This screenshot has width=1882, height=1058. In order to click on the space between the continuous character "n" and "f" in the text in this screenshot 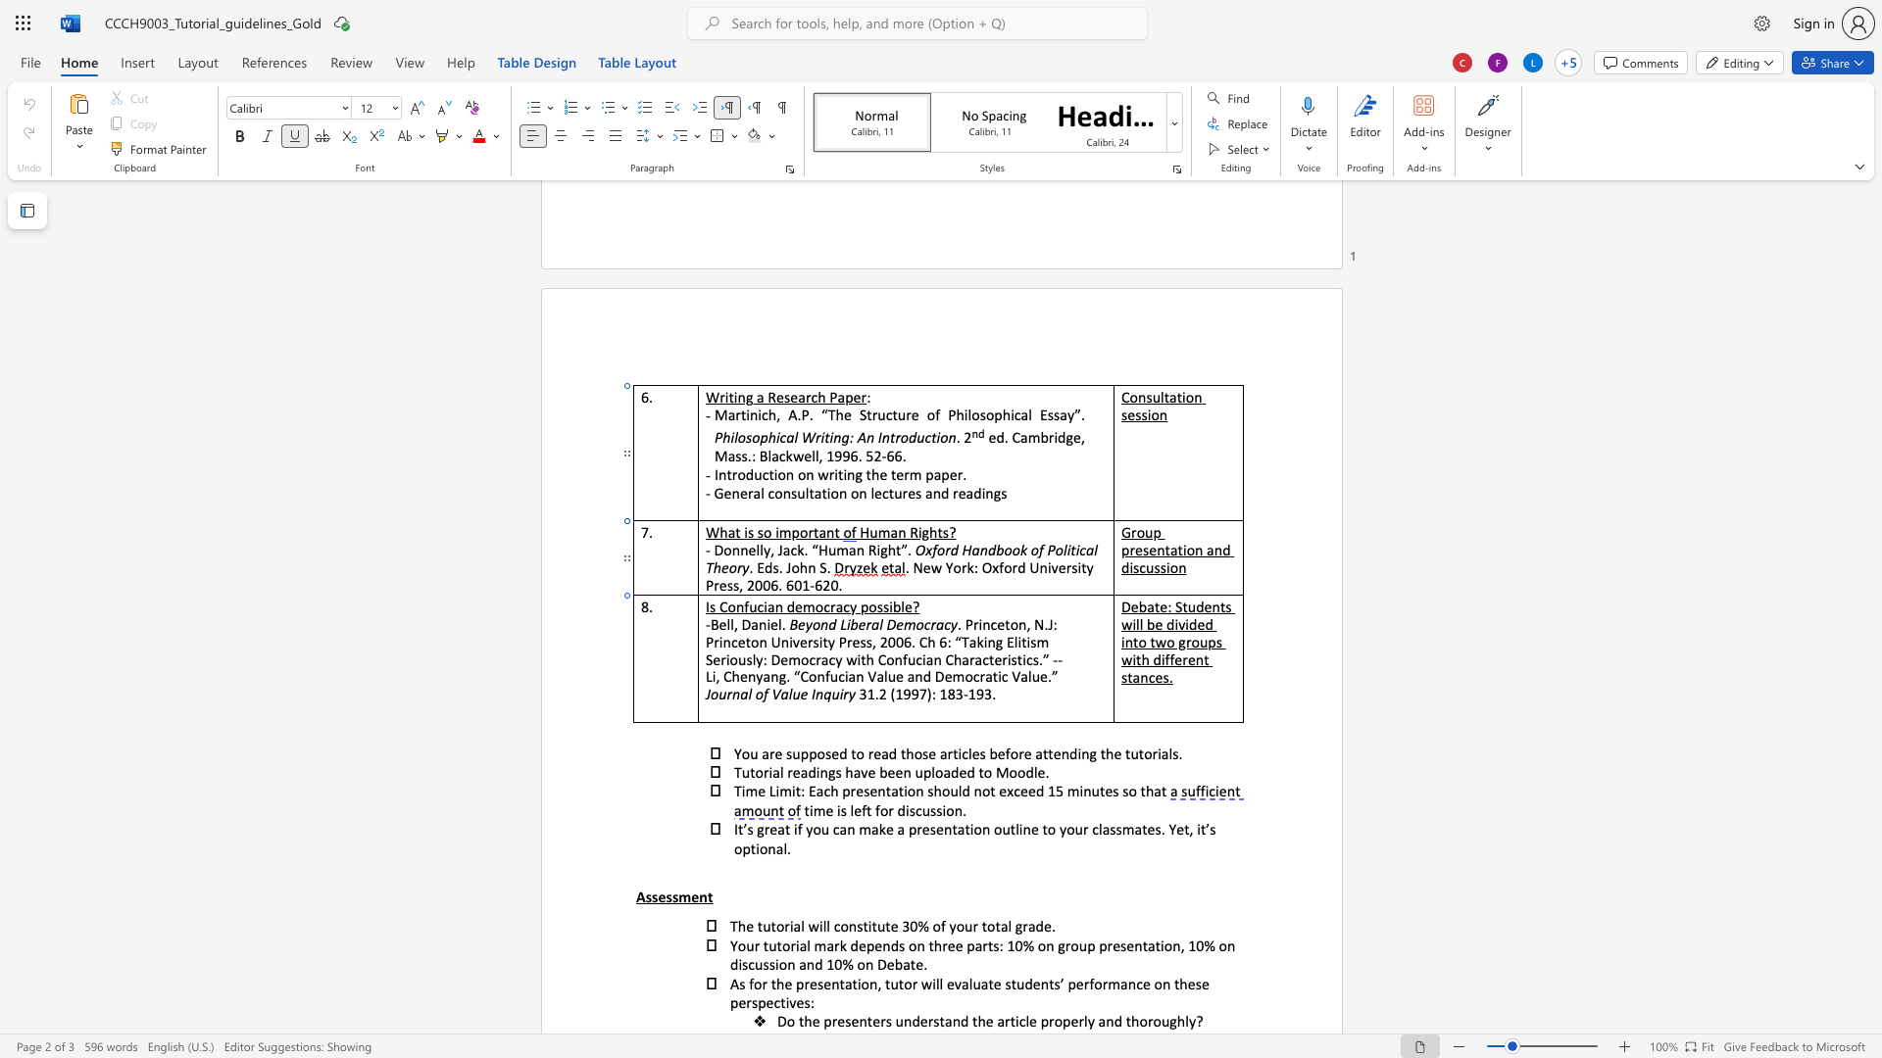, I will do `click(742, 605)`.